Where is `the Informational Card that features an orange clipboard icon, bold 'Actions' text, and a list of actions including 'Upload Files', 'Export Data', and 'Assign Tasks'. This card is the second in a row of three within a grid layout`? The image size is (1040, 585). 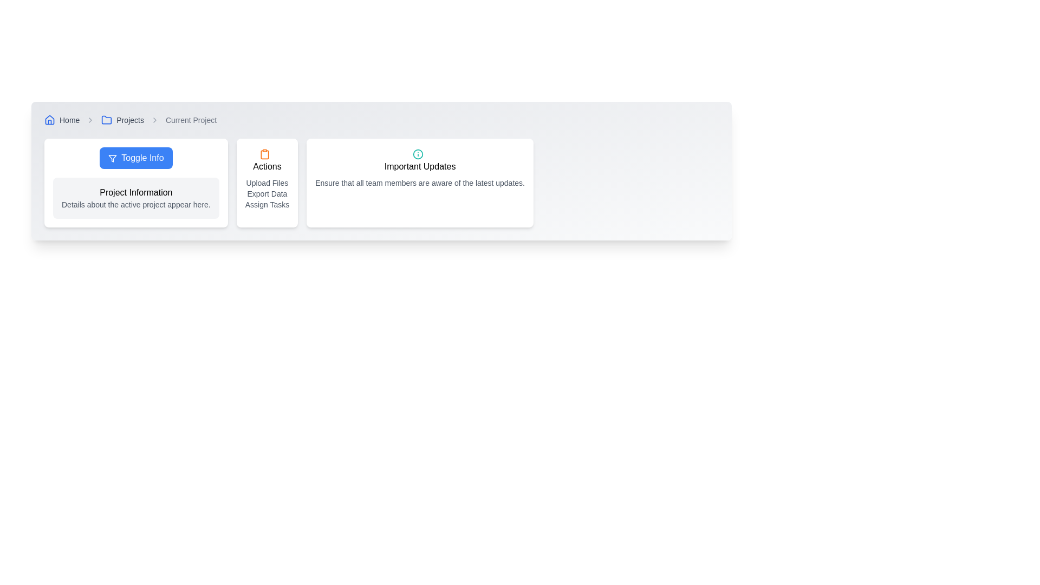 the Informational Card that features an orange clipboard icon, bold 'Actions' text, and a list of actions including 'Upload Files', 'Export Data', and 'Assign Tasks'. This card is the second in a row of three within a grid layout is located at coordinates (267, 183).